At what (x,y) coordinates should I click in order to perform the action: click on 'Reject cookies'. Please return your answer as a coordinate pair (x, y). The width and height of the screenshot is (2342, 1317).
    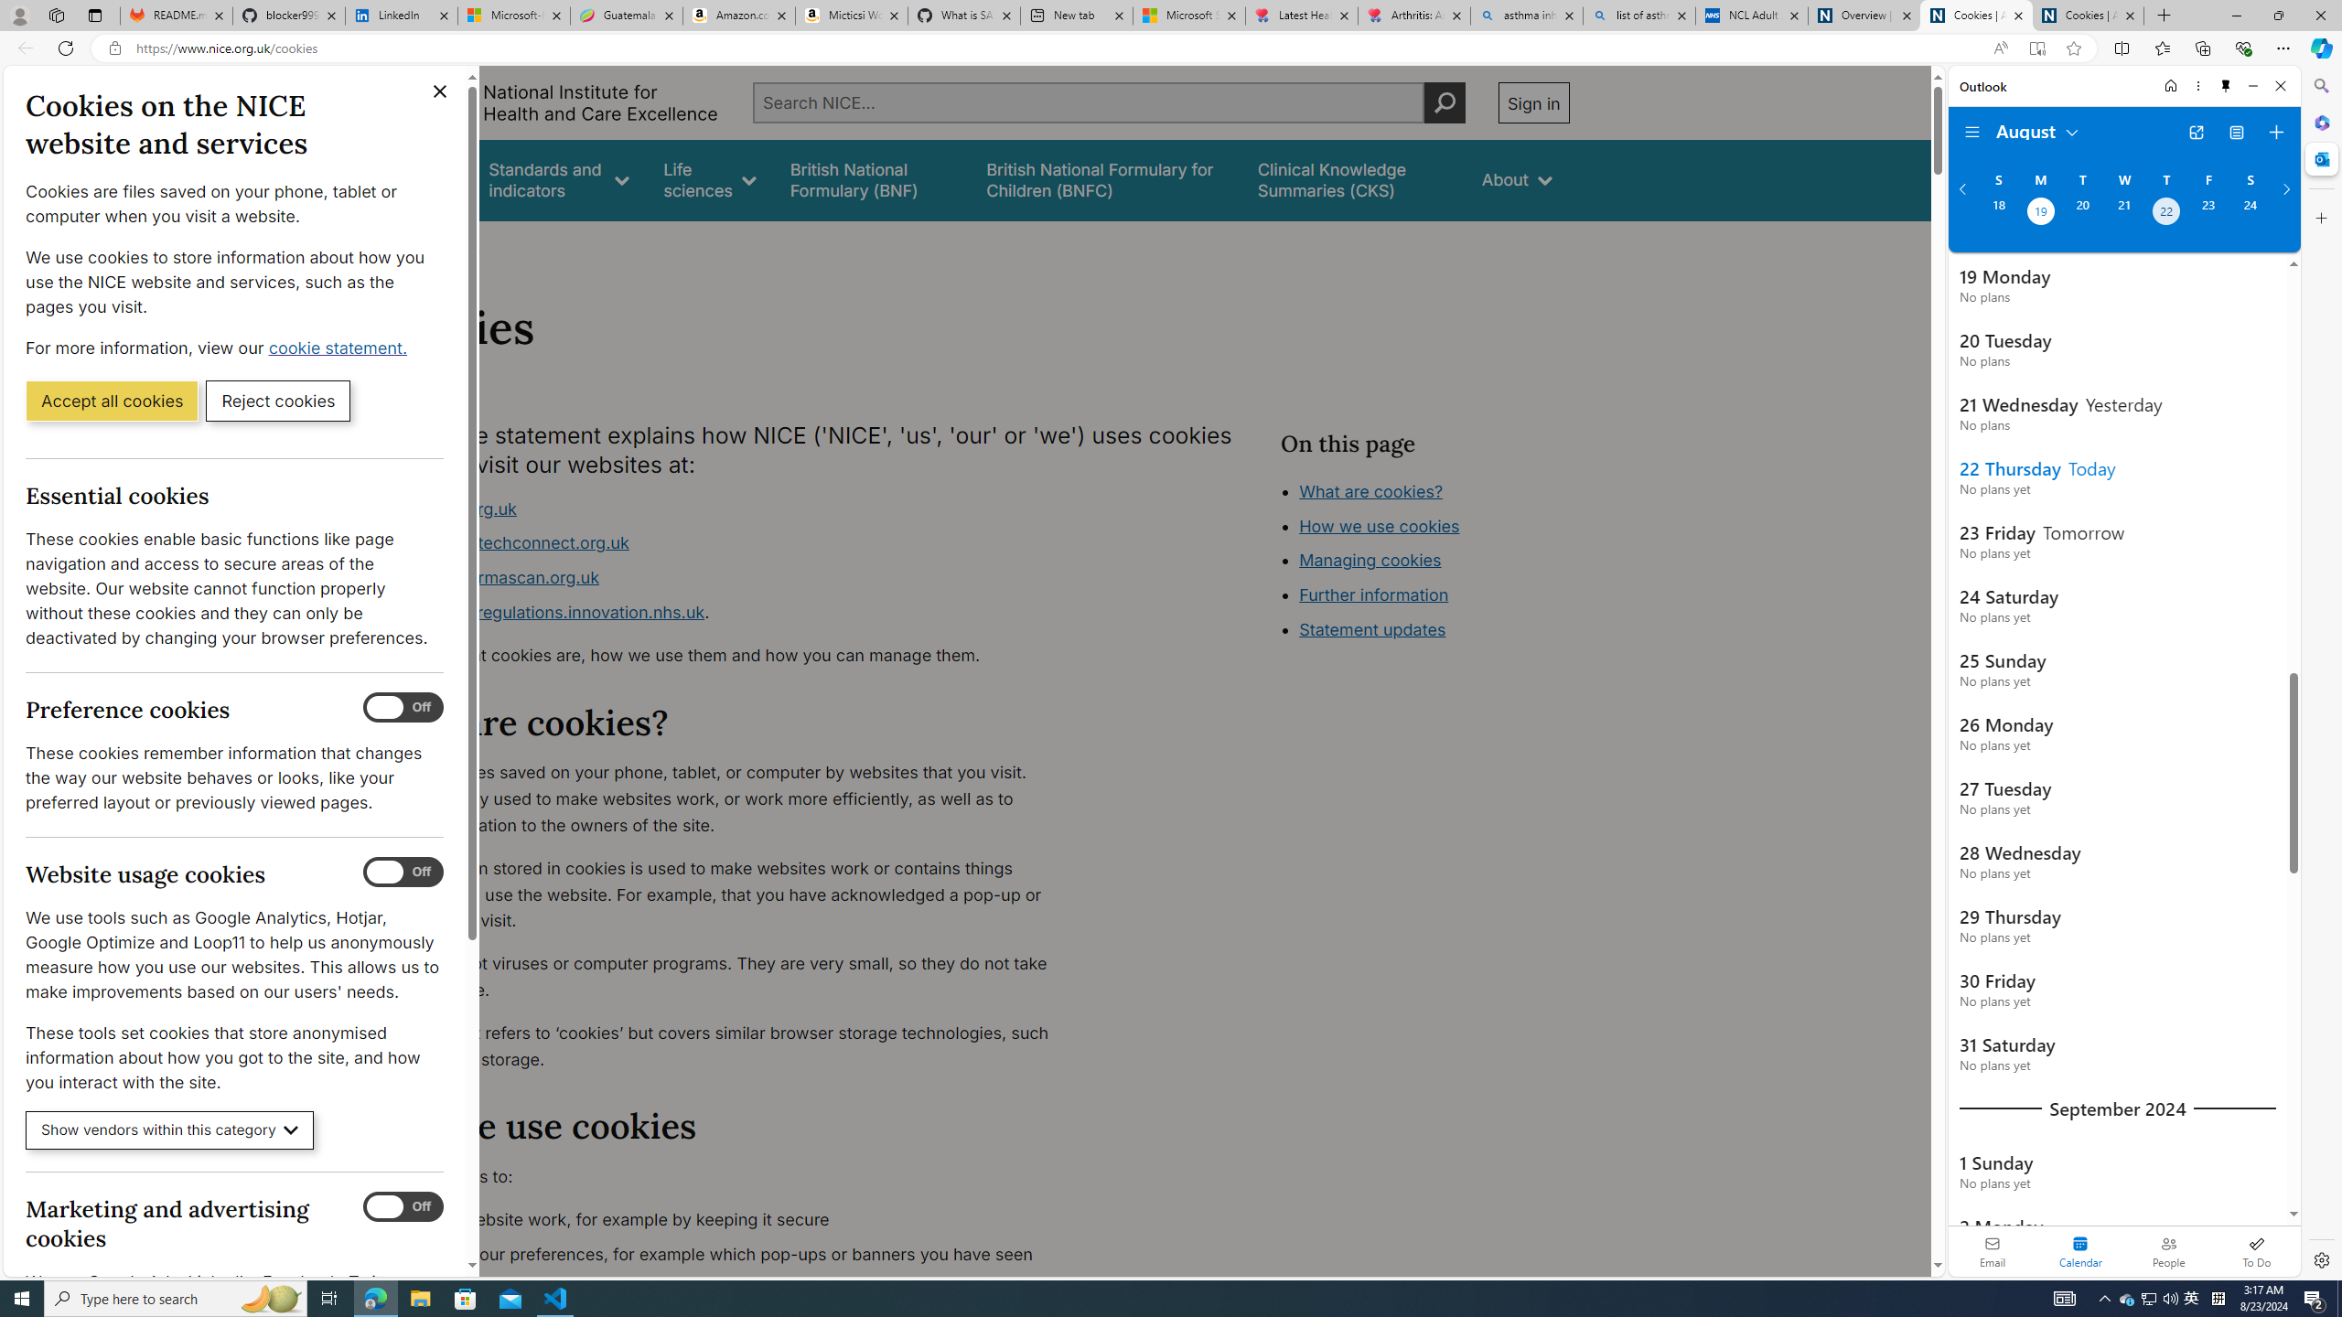
    Looking at the image, I should click on (277, 399).